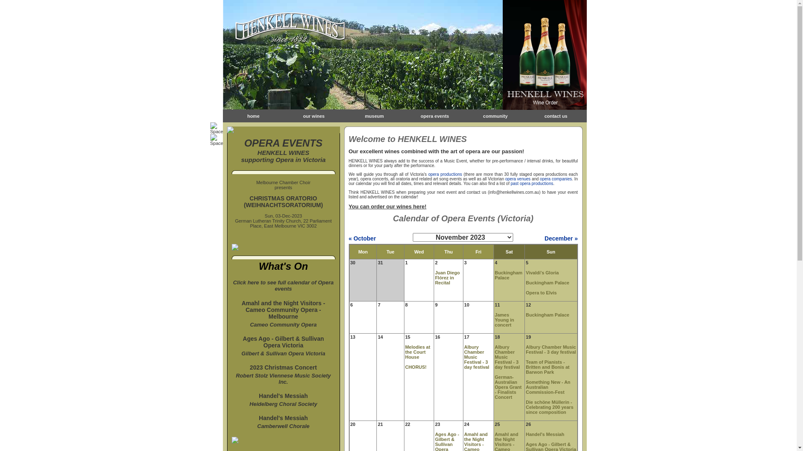 This screenshot has width=803, height=451. I want to click on 'home', so click(253, 116).